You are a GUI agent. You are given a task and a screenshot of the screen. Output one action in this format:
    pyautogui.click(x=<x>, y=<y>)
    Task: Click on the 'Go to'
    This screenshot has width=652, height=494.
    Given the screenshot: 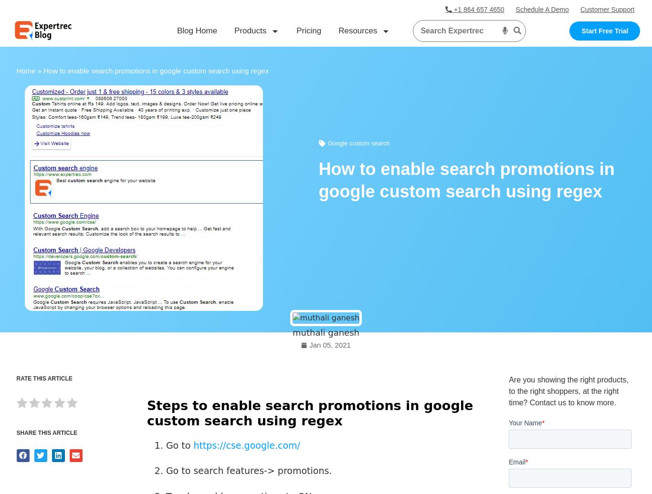 What is the action you would take?
    pyautogui.click(x=179, y=445)
    